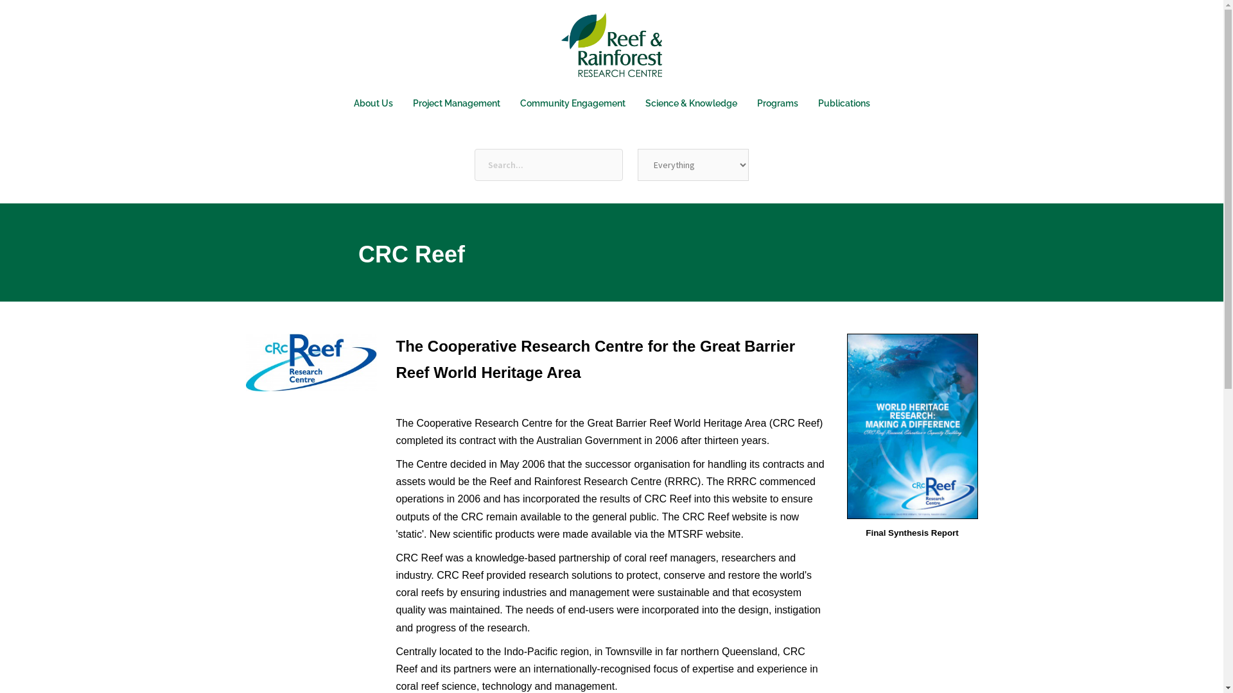 This screenshot has height=693, width=1233. I want to click on 'Reef & Rainforest', so click(611, 48).